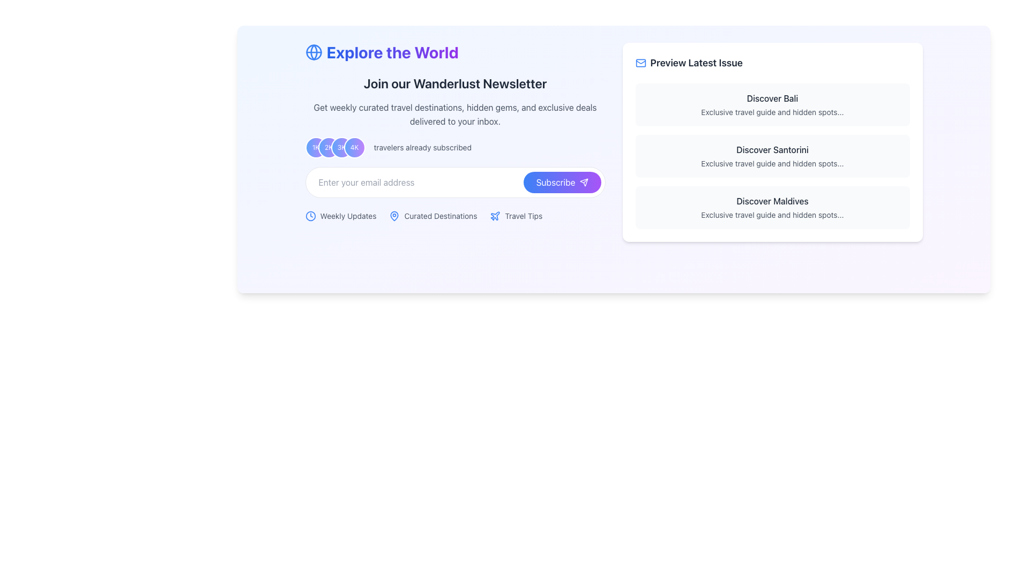  What do you see at coordinates (583, 181) in the screenshot?
I see `the 'Send' icon located on the right side of the blue 'Subscribe' button` at bounding box center [583, 181].